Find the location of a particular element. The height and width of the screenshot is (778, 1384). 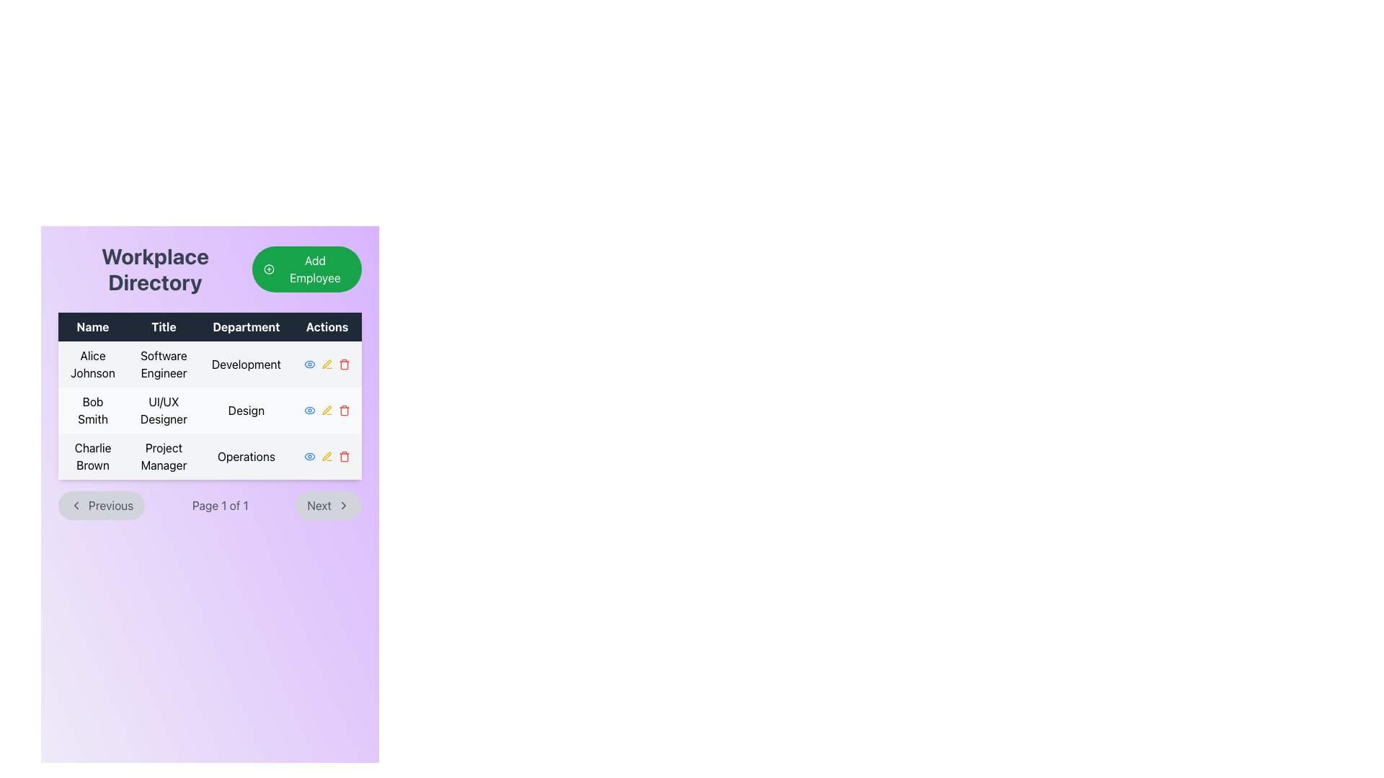

text label that serves as a heading for the directory of workplaces, located at the top-left portion of the panel, before the 'Add Employee' button is located at coordinates (155, 269).